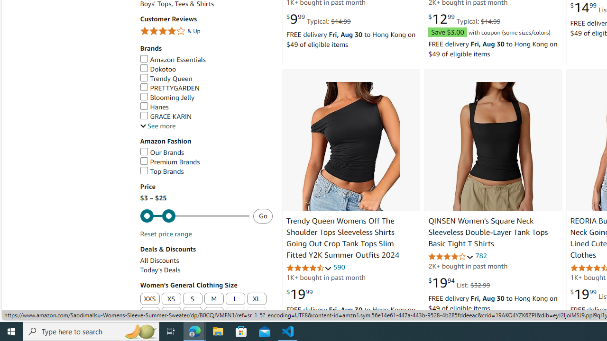 This screenshot has width=607, height=341. I want to click on 'XL', so click(256, 299).